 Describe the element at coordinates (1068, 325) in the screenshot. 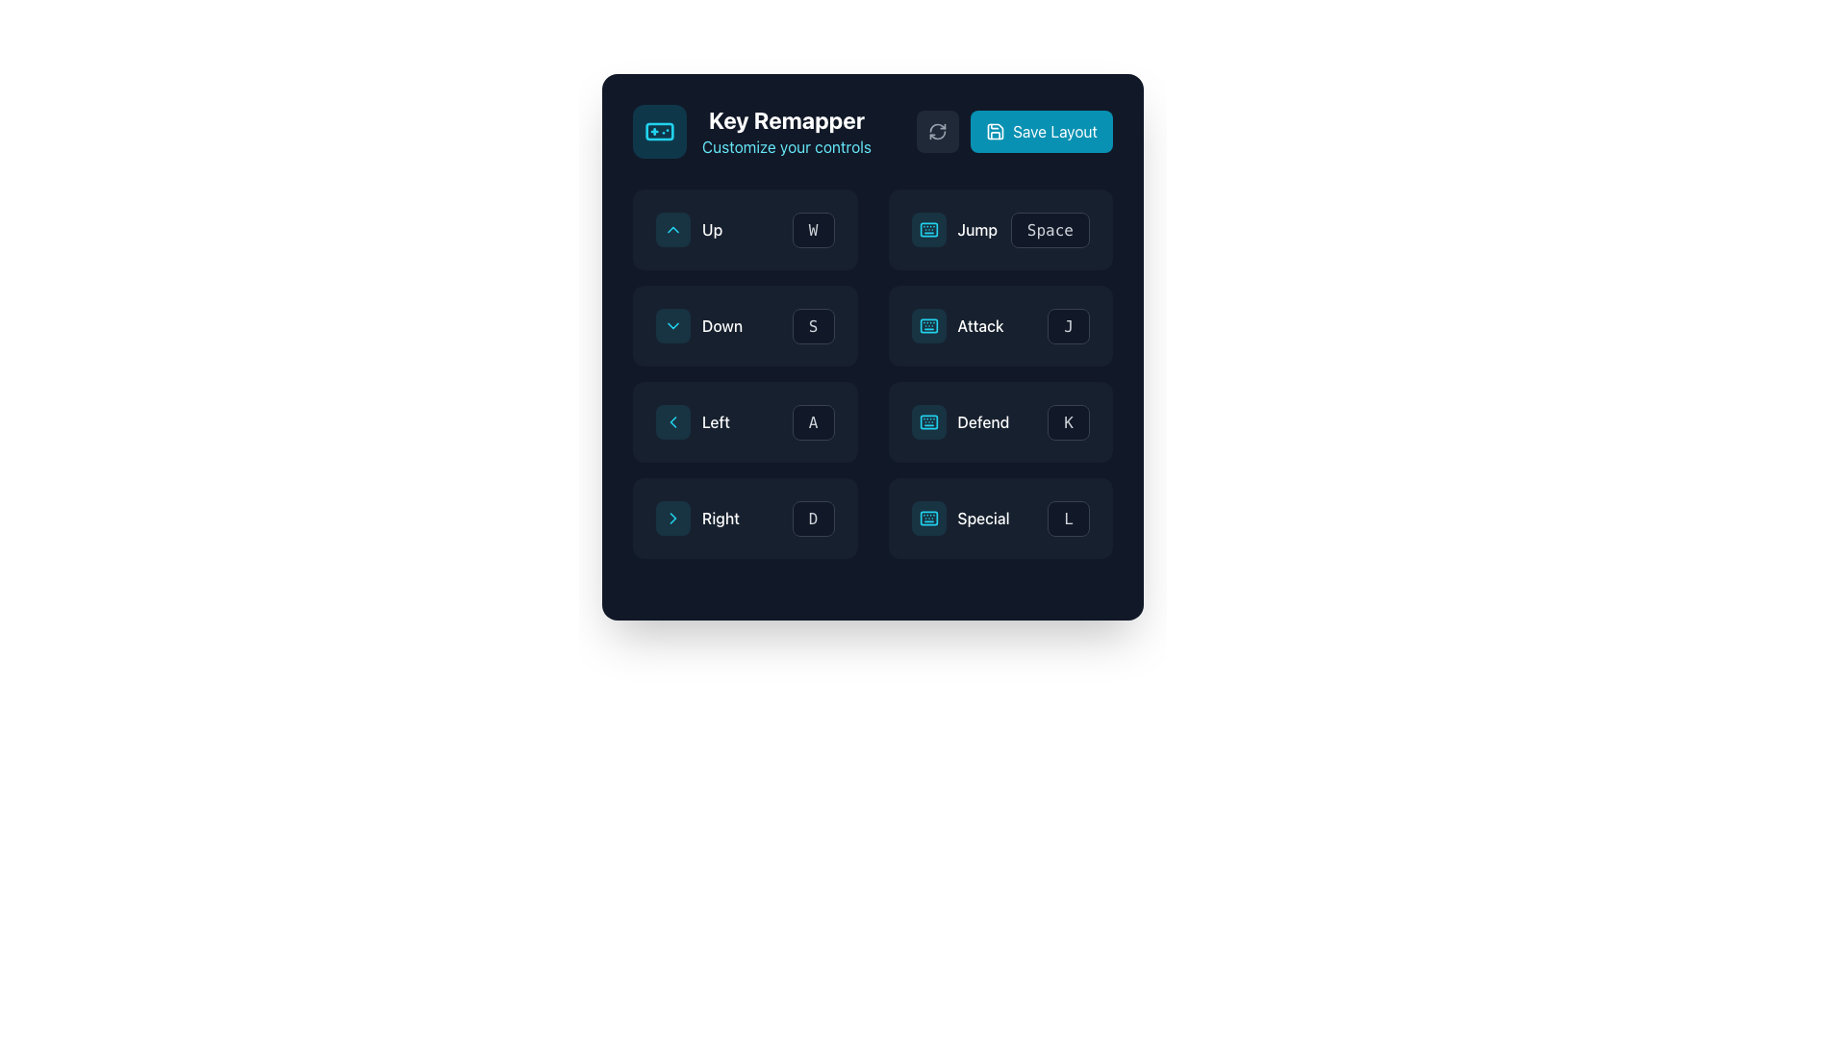

I see `the button in the bottom-right corner of the layout grid, positioned to the right of the 'Attack' label` at that location.